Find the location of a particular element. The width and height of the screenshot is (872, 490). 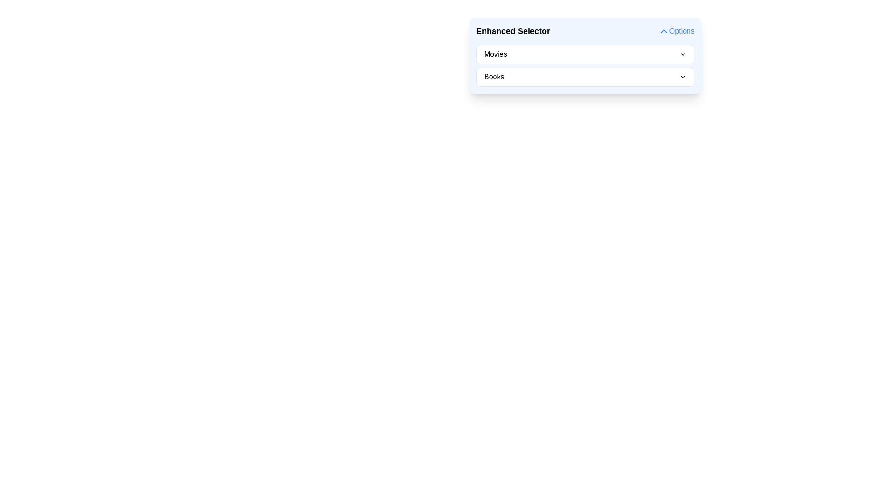

the 'Options' hyperlink, which is styled in blue text and has an upward arrow icon adjacent to it, located in the upper right corner of the 'Enhanced Selector' component is located at coordinates (676, 31).